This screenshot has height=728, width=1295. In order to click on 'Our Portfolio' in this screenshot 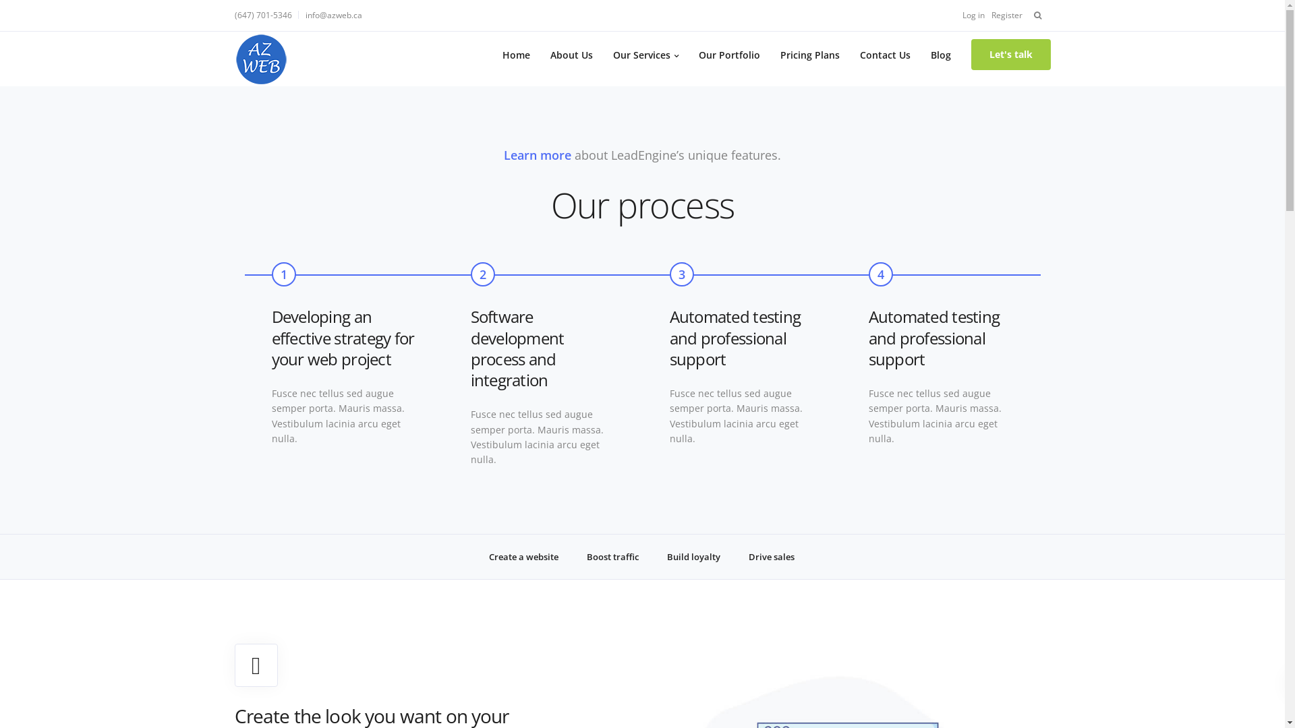, I will do `click(728, 54)`.